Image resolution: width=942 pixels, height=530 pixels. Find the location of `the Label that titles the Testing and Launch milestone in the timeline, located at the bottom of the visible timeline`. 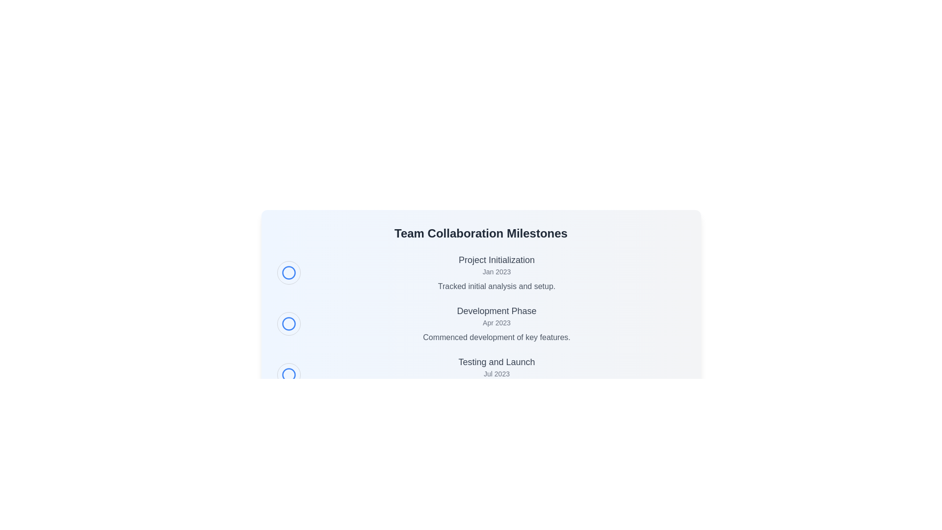

the Label that titles the Testing and Launch milestone in the timeline, located at the bottom of the visible timeline is located at coordinates (497, 362).